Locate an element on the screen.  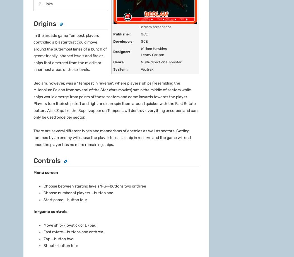
'About' is located at coordinates (28, 114).